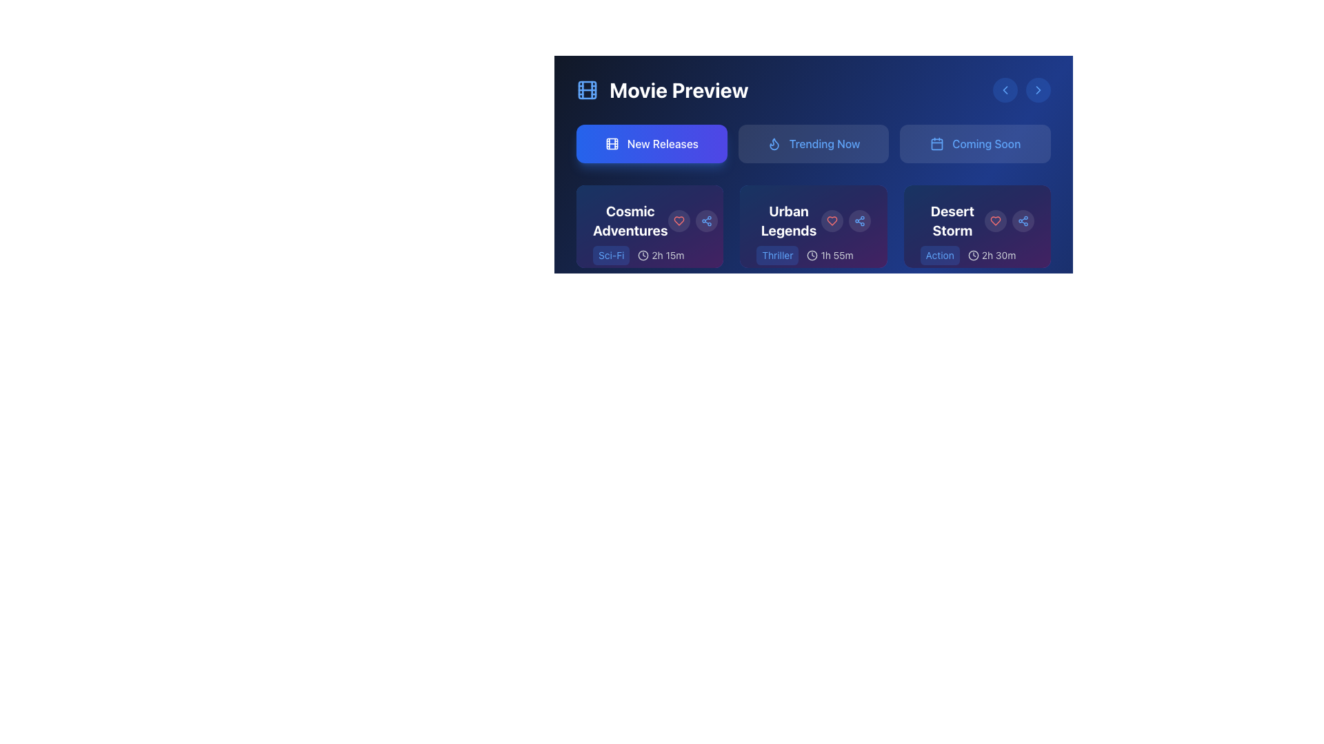  I want to click on the share icon button located in the bottom-right corner of the 'Cosmic Adventures' movie card, so click(706, 220).